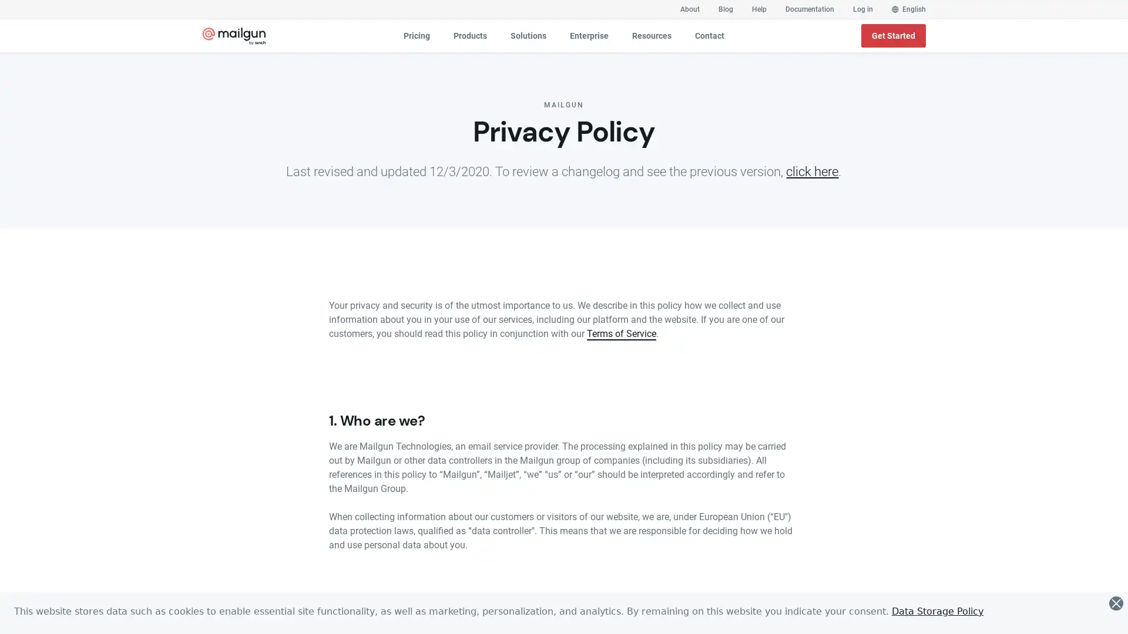  What do you see at coordinates (862, 9) in the screenshot?
I see `Log in` at bounding box center [862, 9].